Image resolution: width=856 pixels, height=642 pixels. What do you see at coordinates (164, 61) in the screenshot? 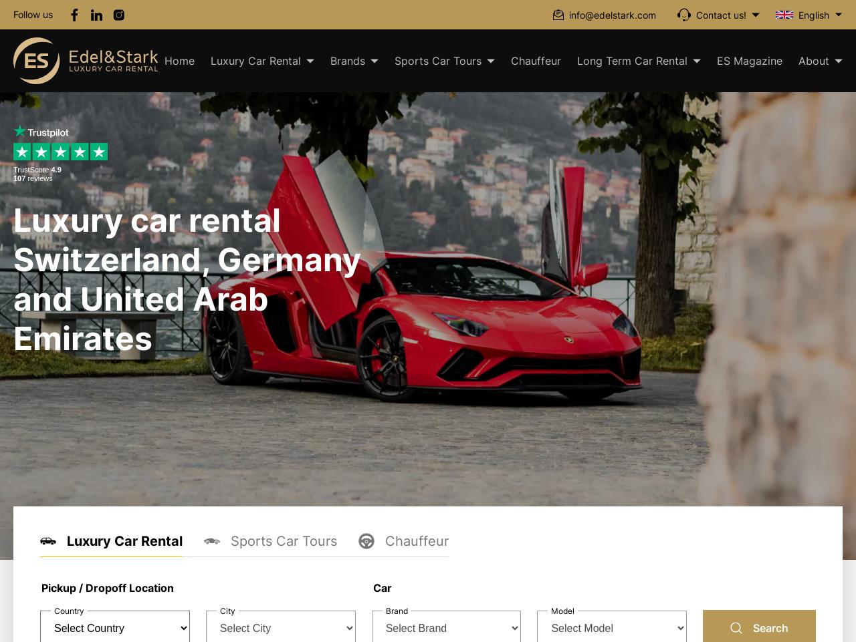
I see `'Home'` at bounding box center [164, 61].